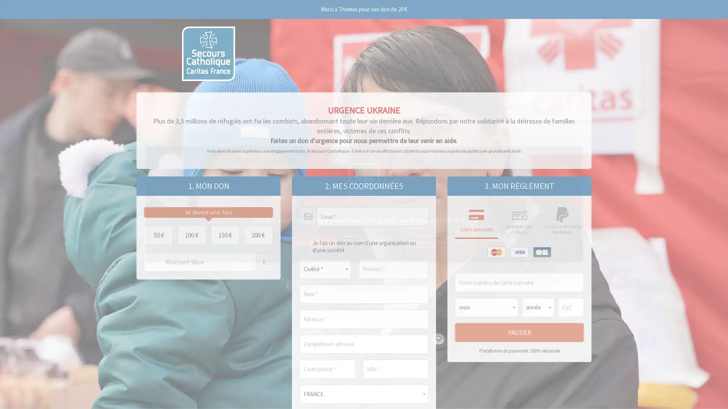 Image resolution: width=728 pixels, height=409 pixels. What do you see at coordinates (519, 332) in the screenshot?
I see `Valider` at bounding box center [519, 332].